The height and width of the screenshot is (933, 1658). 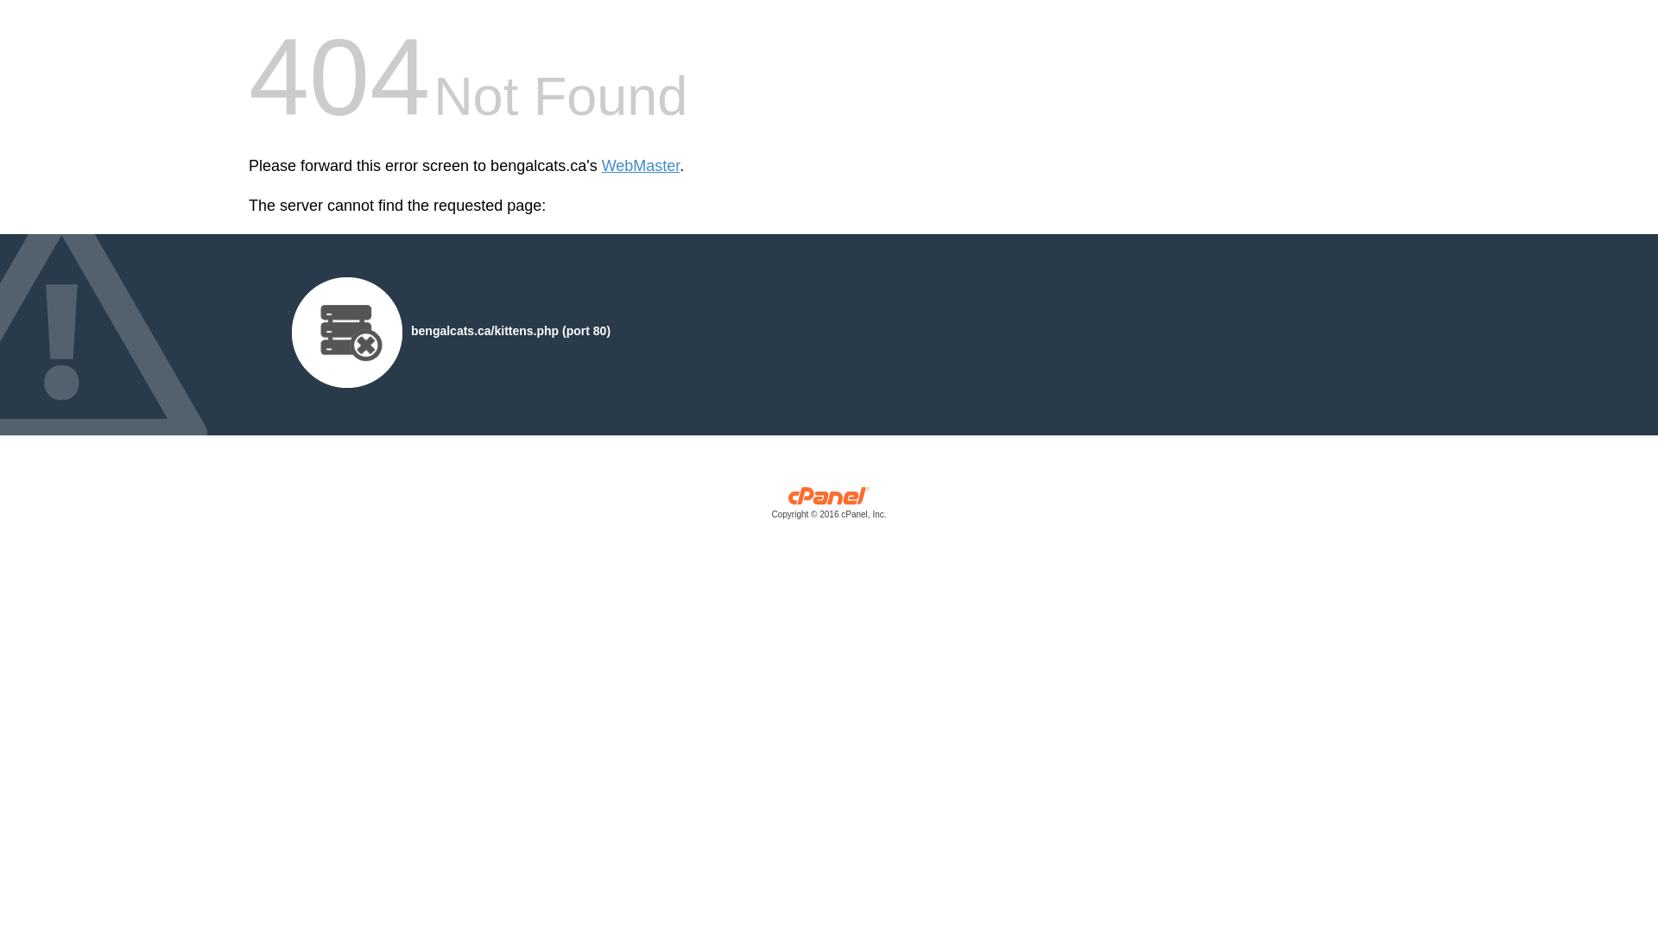 I want to click on 'WebMaster', so click(x=640, y=166).